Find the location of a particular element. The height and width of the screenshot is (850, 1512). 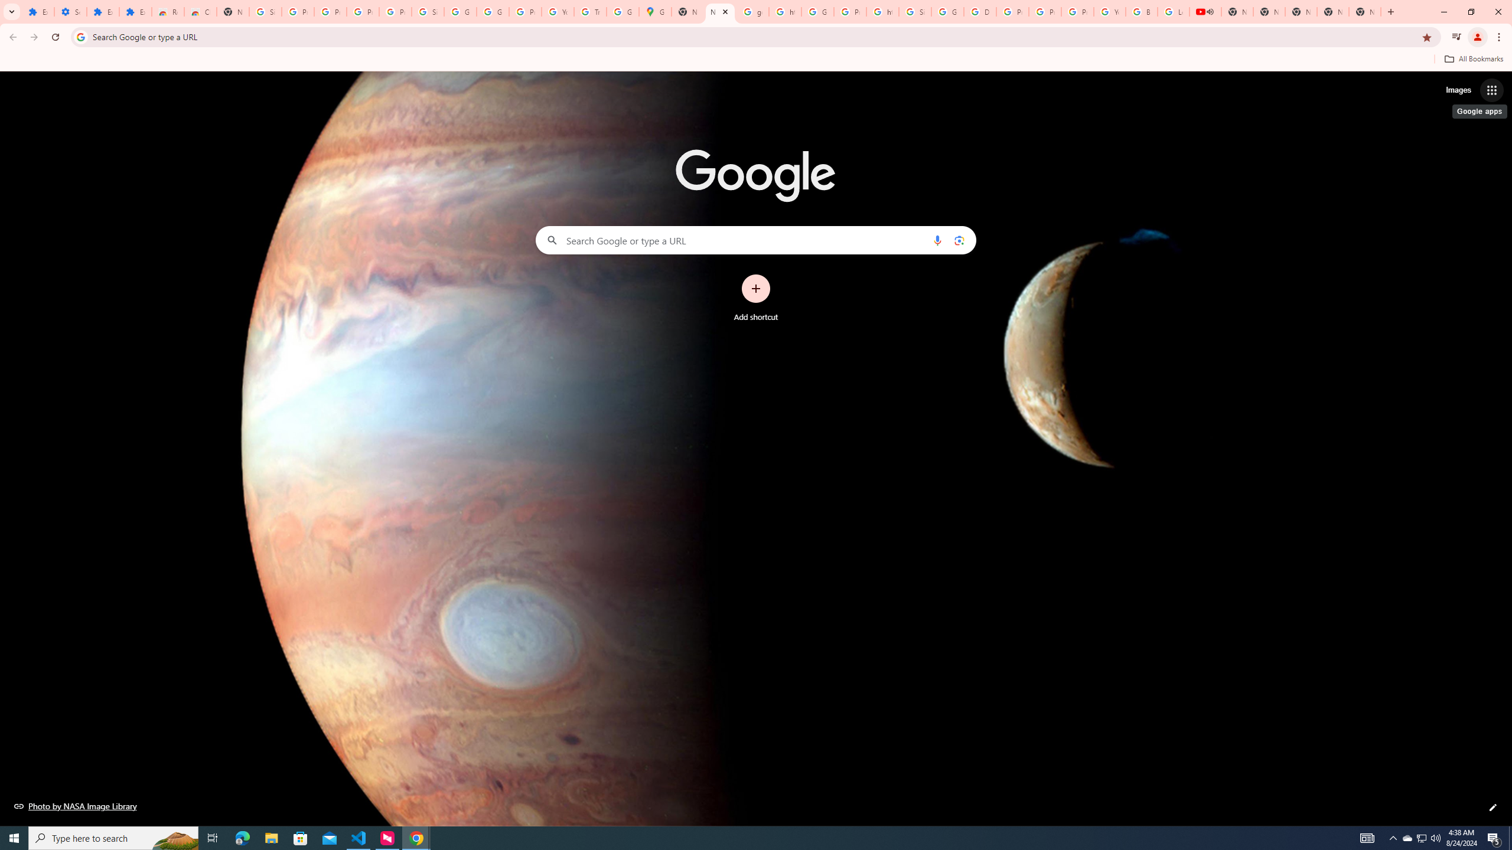

'Minimize' is located at coordinates (1443, 11).